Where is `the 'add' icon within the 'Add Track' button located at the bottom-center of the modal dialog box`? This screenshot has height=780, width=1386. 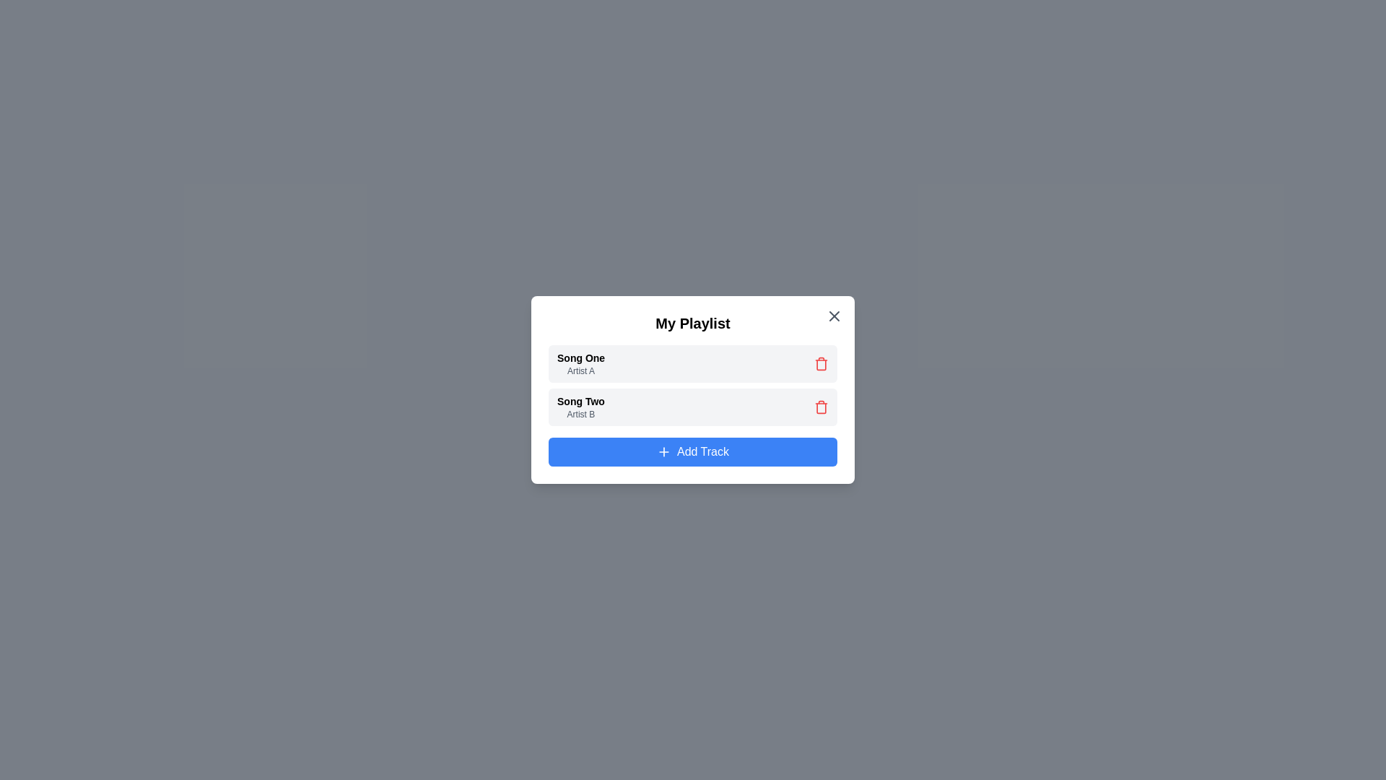 the 'add' icon within the 'Add Track' button located at the bottom-center of the modal dialog box is located at coordinates (663, 451).